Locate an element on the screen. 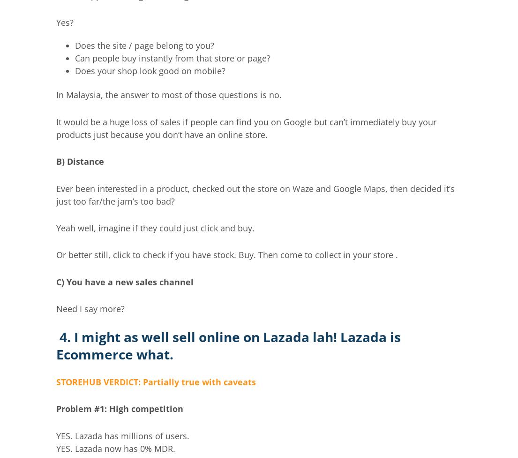 This screenshot has width=518, height=458. 'Problem #1: High competition' is located at coordinates (120, 408).